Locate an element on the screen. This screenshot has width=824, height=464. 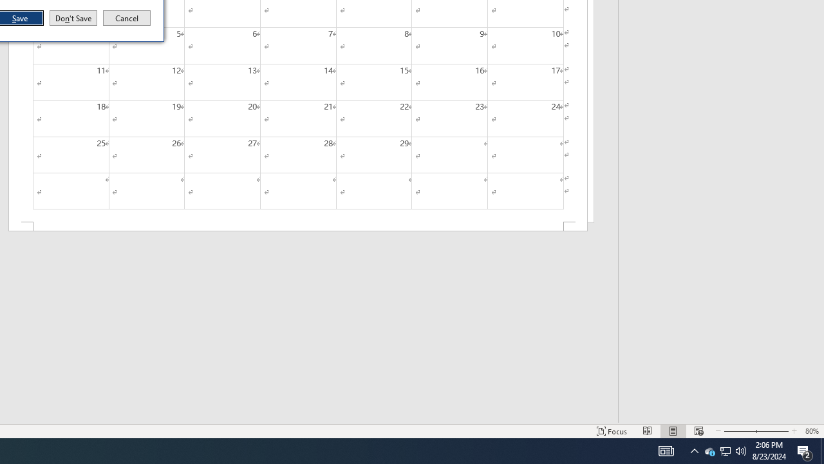
'Q2790: 100%' is located at coordinates (726, 450).